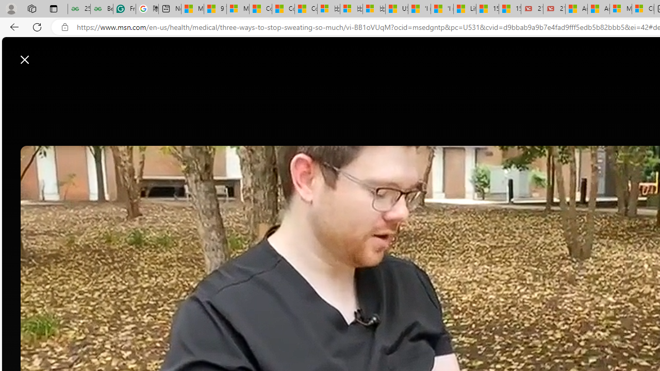 The width and height of the screenshot is (660, 371). I want to click on '15 Ways Modern Life Contradicts the Teachings of Jesus', so click(509, 9).